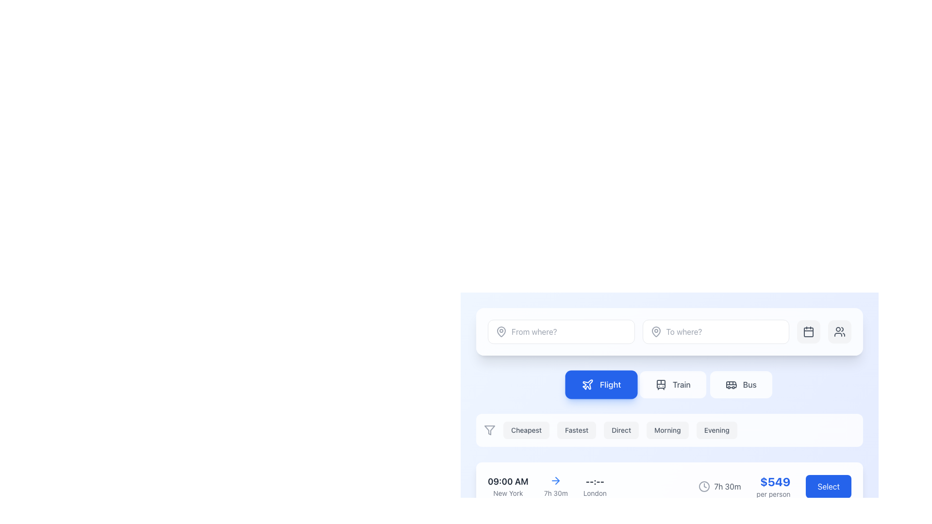 The image size is (932, 524). Describe the element at coordinates (704, 486) in the screenshot. I see `the circular outline of the clock icon, which is part of a row containing travel-related information near the duration label of '7h 30m'` at that location.